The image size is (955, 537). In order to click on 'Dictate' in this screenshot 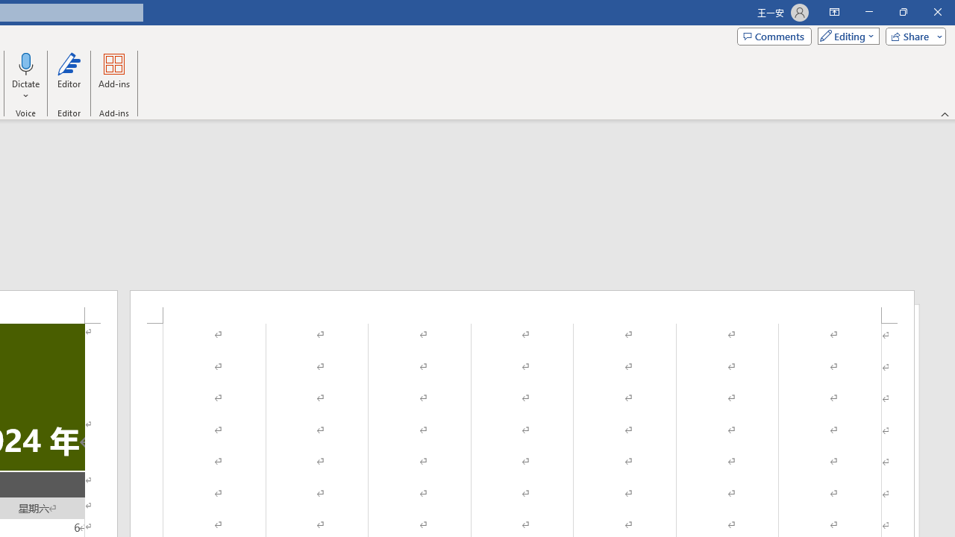, I will do `click(26, 63)`.